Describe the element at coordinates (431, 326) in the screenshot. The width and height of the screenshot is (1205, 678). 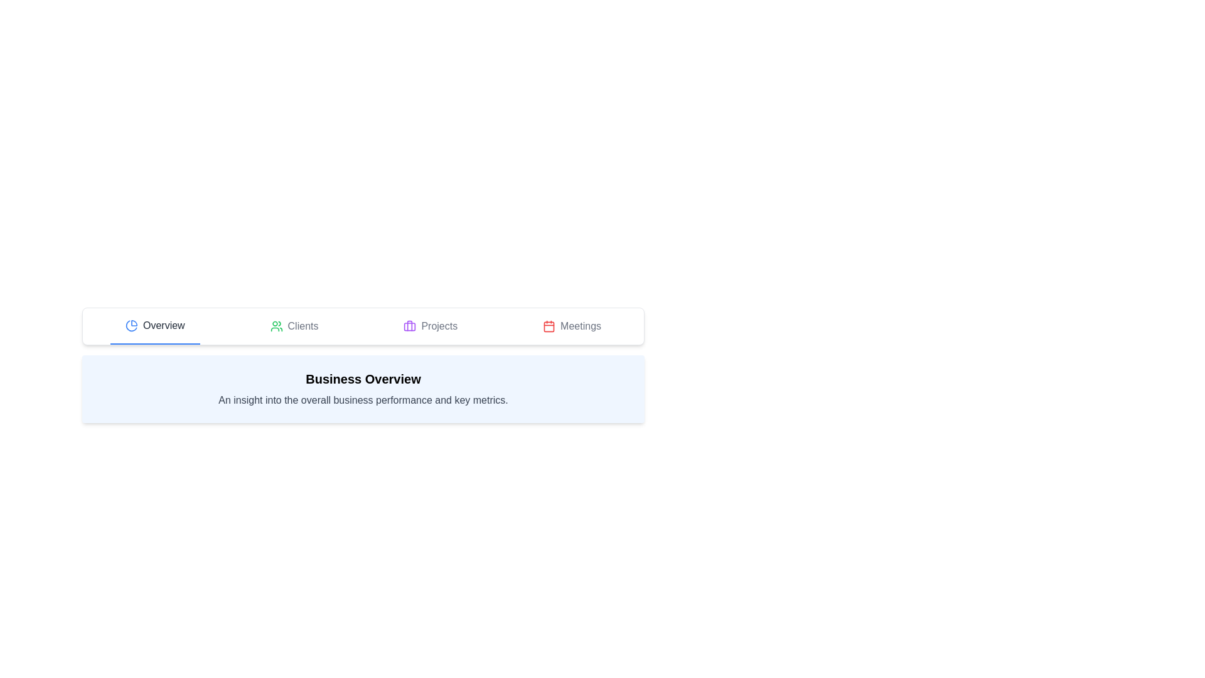
I see `the third navigation link in the navigation bar, which directs to the 'Projects' section` at that location.